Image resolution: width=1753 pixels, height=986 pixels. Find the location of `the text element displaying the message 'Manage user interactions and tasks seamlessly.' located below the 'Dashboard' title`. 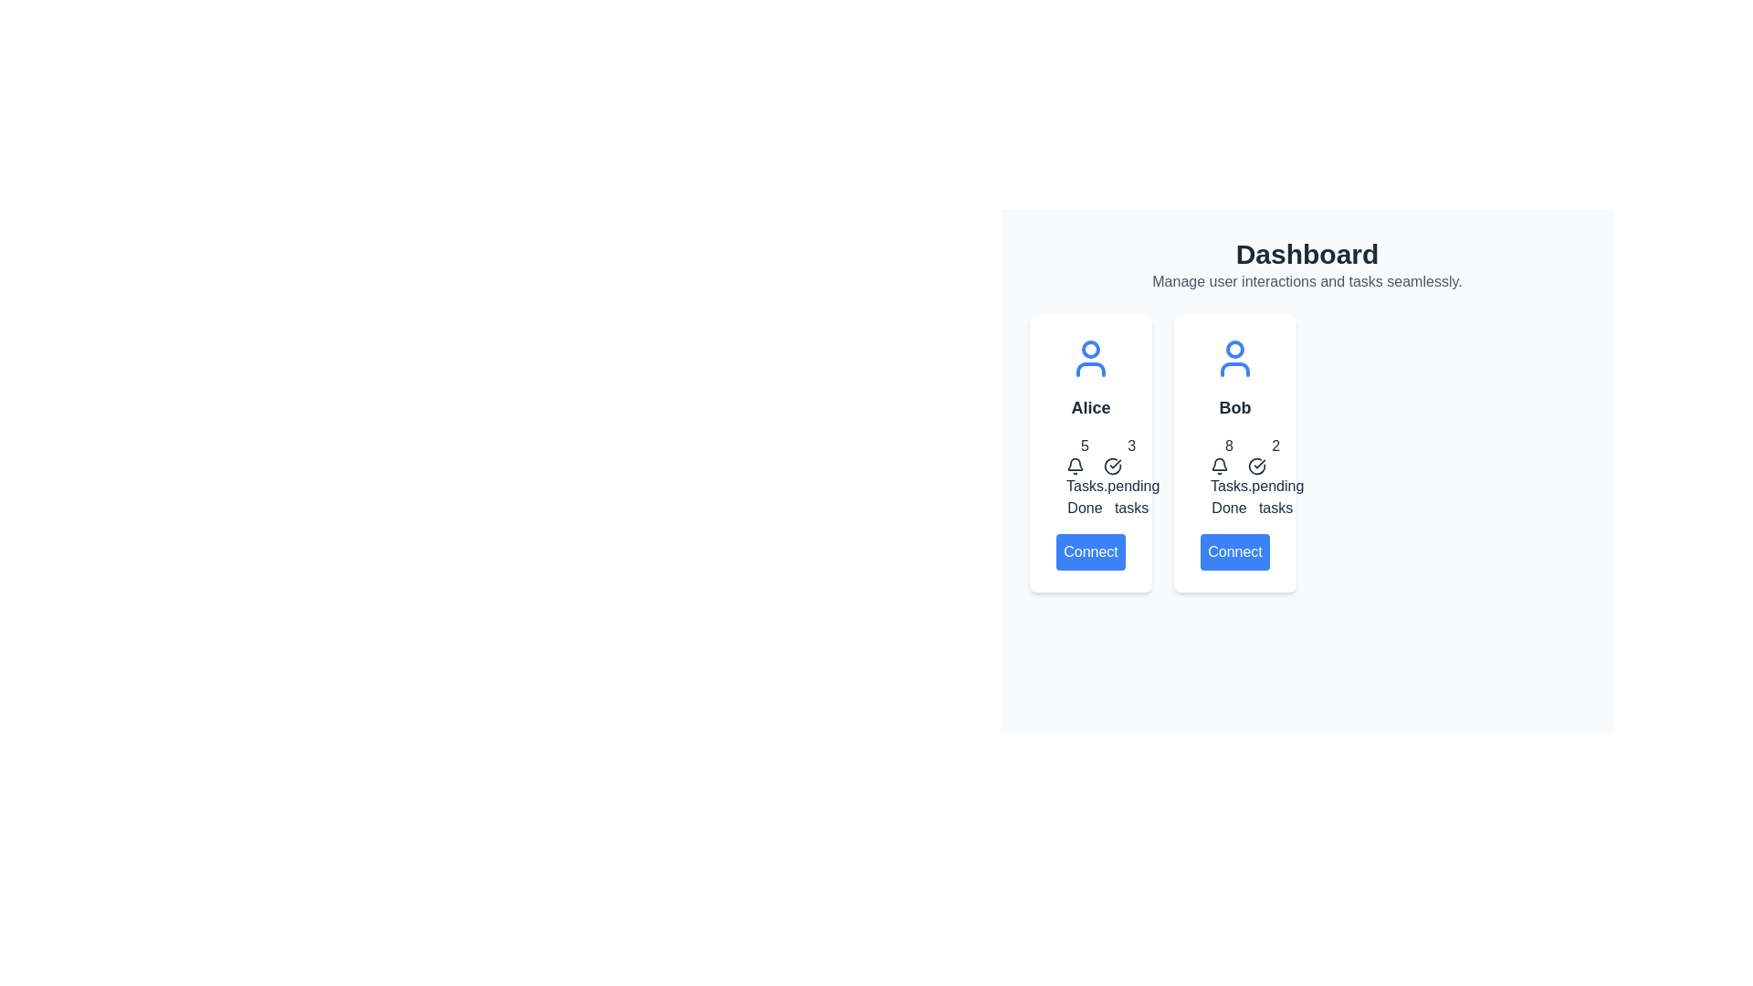

the text element displaying the message 'Manage user interactions and tasks seamlessly.' located below the 'Dashboard' title is located at coordinates (1306, 281).